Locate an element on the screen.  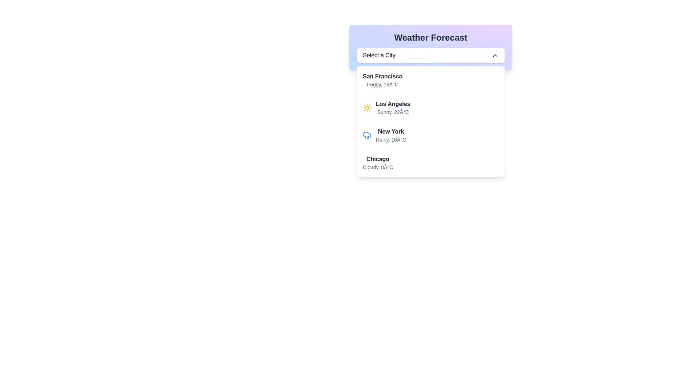
weather information for New York displayed in the third entry of the dropdown list under the 'Weather Forecast' header, which is accompanied by a rain cloud icon is located at coordinates (390, 135).